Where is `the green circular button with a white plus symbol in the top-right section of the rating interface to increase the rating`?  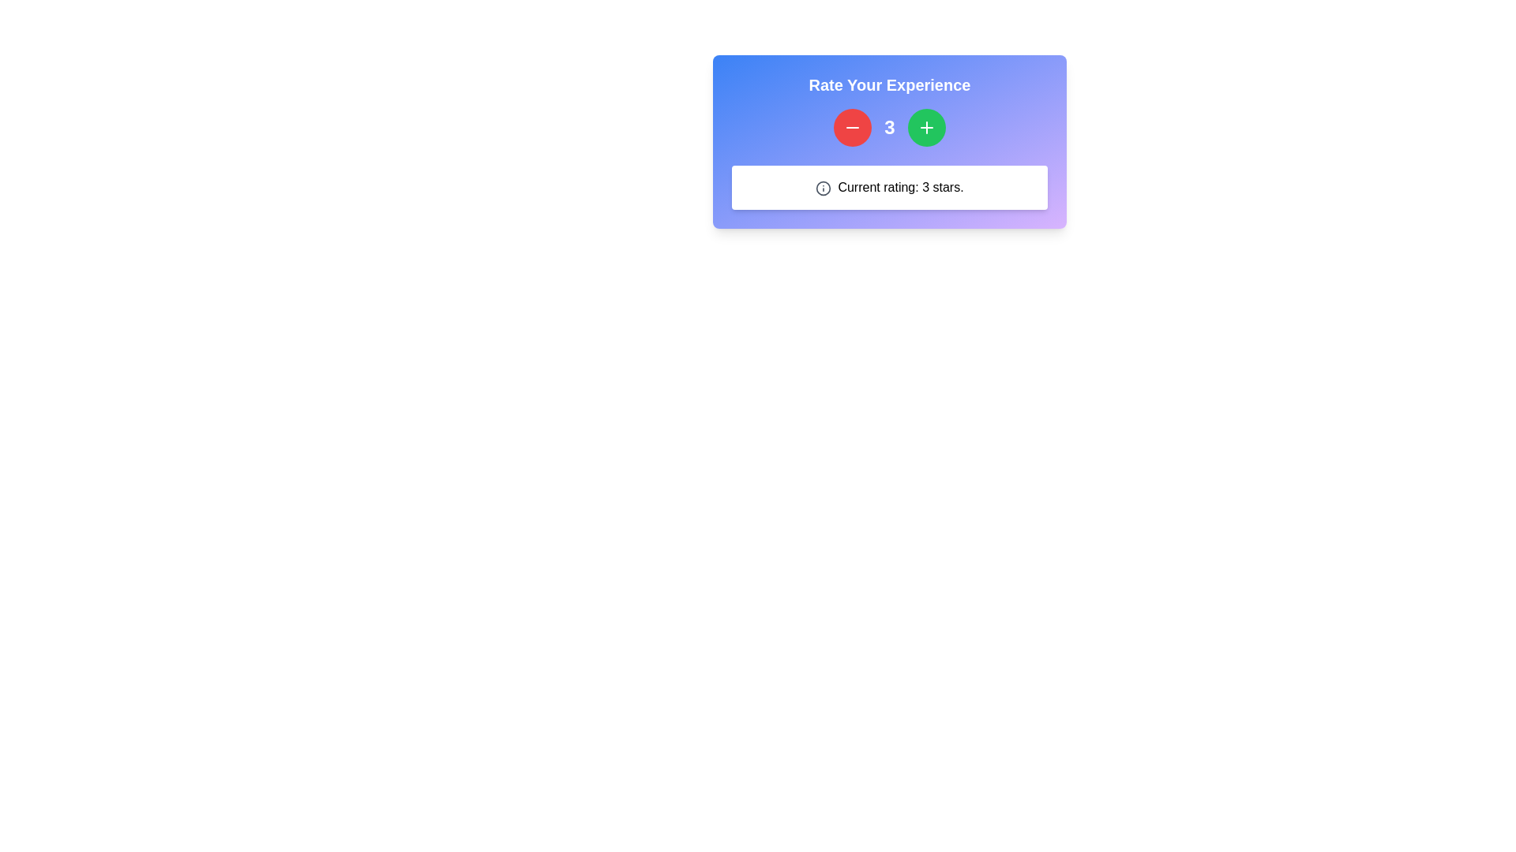 the green circular button with a white plus symbol in the top-right section of the rating interface to increase the rating is located at coordinates (926, 127).